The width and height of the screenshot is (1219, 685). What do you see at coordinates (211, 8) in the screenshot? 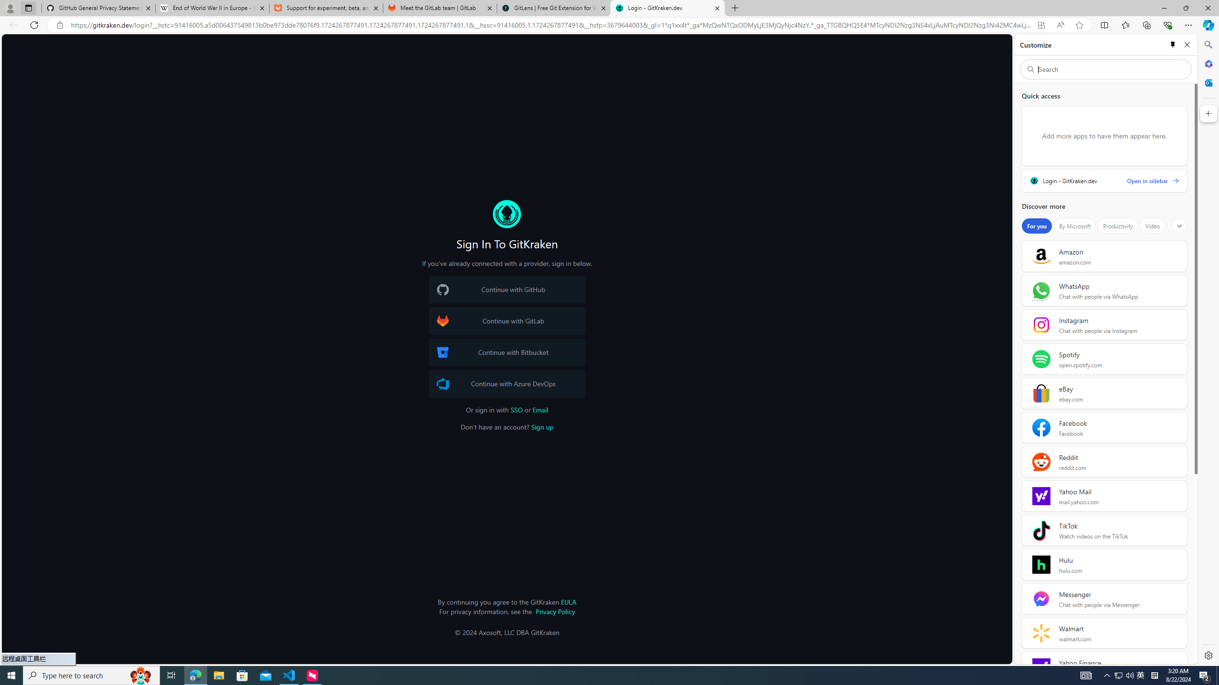
I see `'End of World War II in Europe - Wikipedia'` at bounding box center [211, 8].